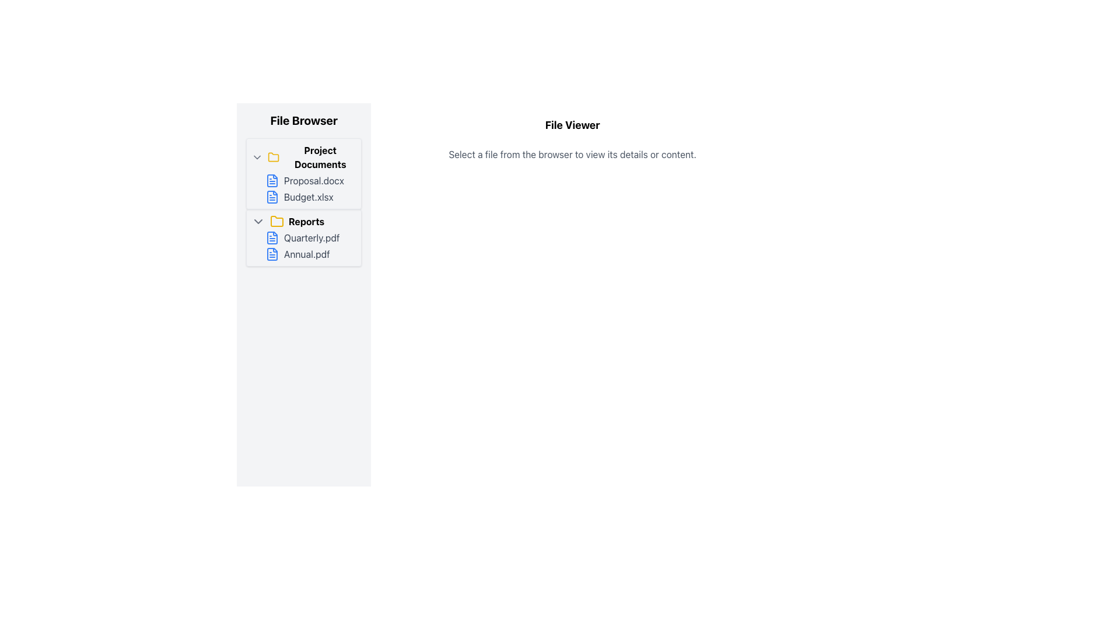 This screenshot has width=1120, height=630. I want to click on the text of the 'Budget.xlsx' file entry item, which is the second item under the 'Project Documents' section of the file browser, so click(311, 197).